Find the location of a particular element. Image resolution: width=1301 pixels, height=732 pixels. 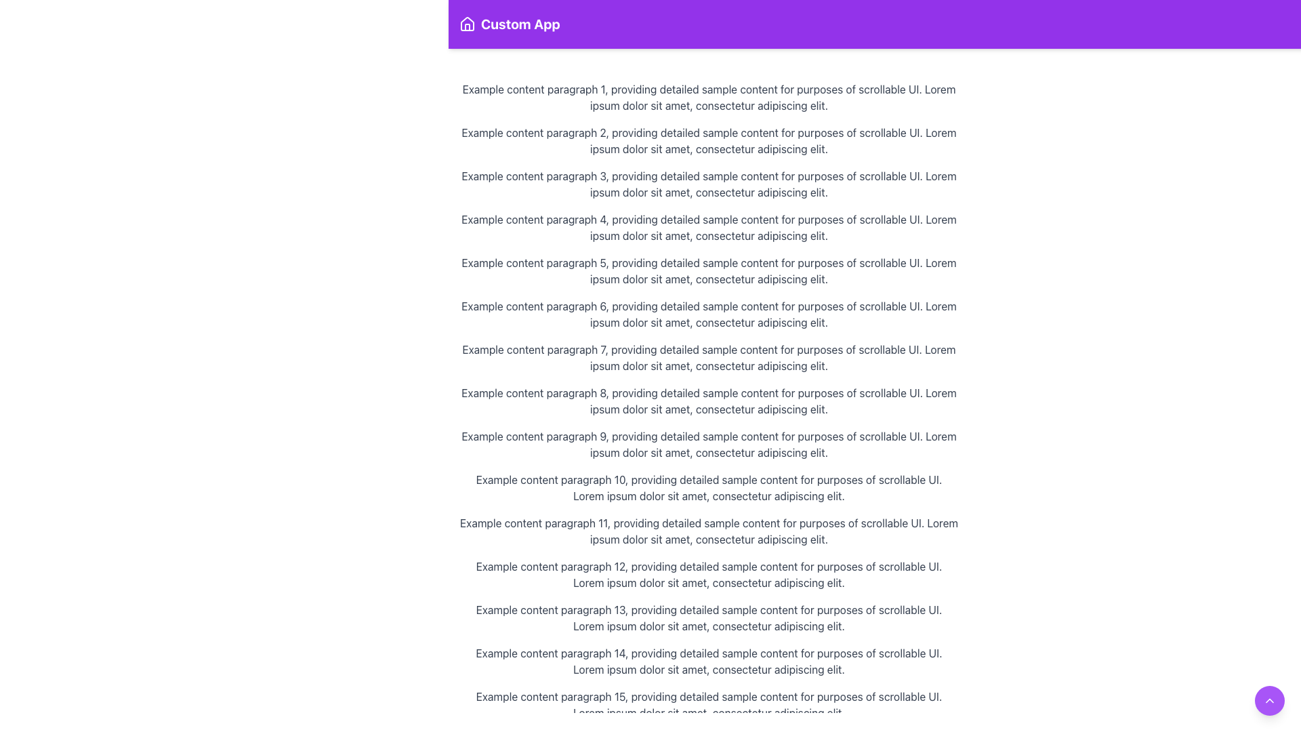

text content of the paragraph styled in gray font that is the 13th paragraph in a multi-paragraph layout is located at coordinates (708, 617).